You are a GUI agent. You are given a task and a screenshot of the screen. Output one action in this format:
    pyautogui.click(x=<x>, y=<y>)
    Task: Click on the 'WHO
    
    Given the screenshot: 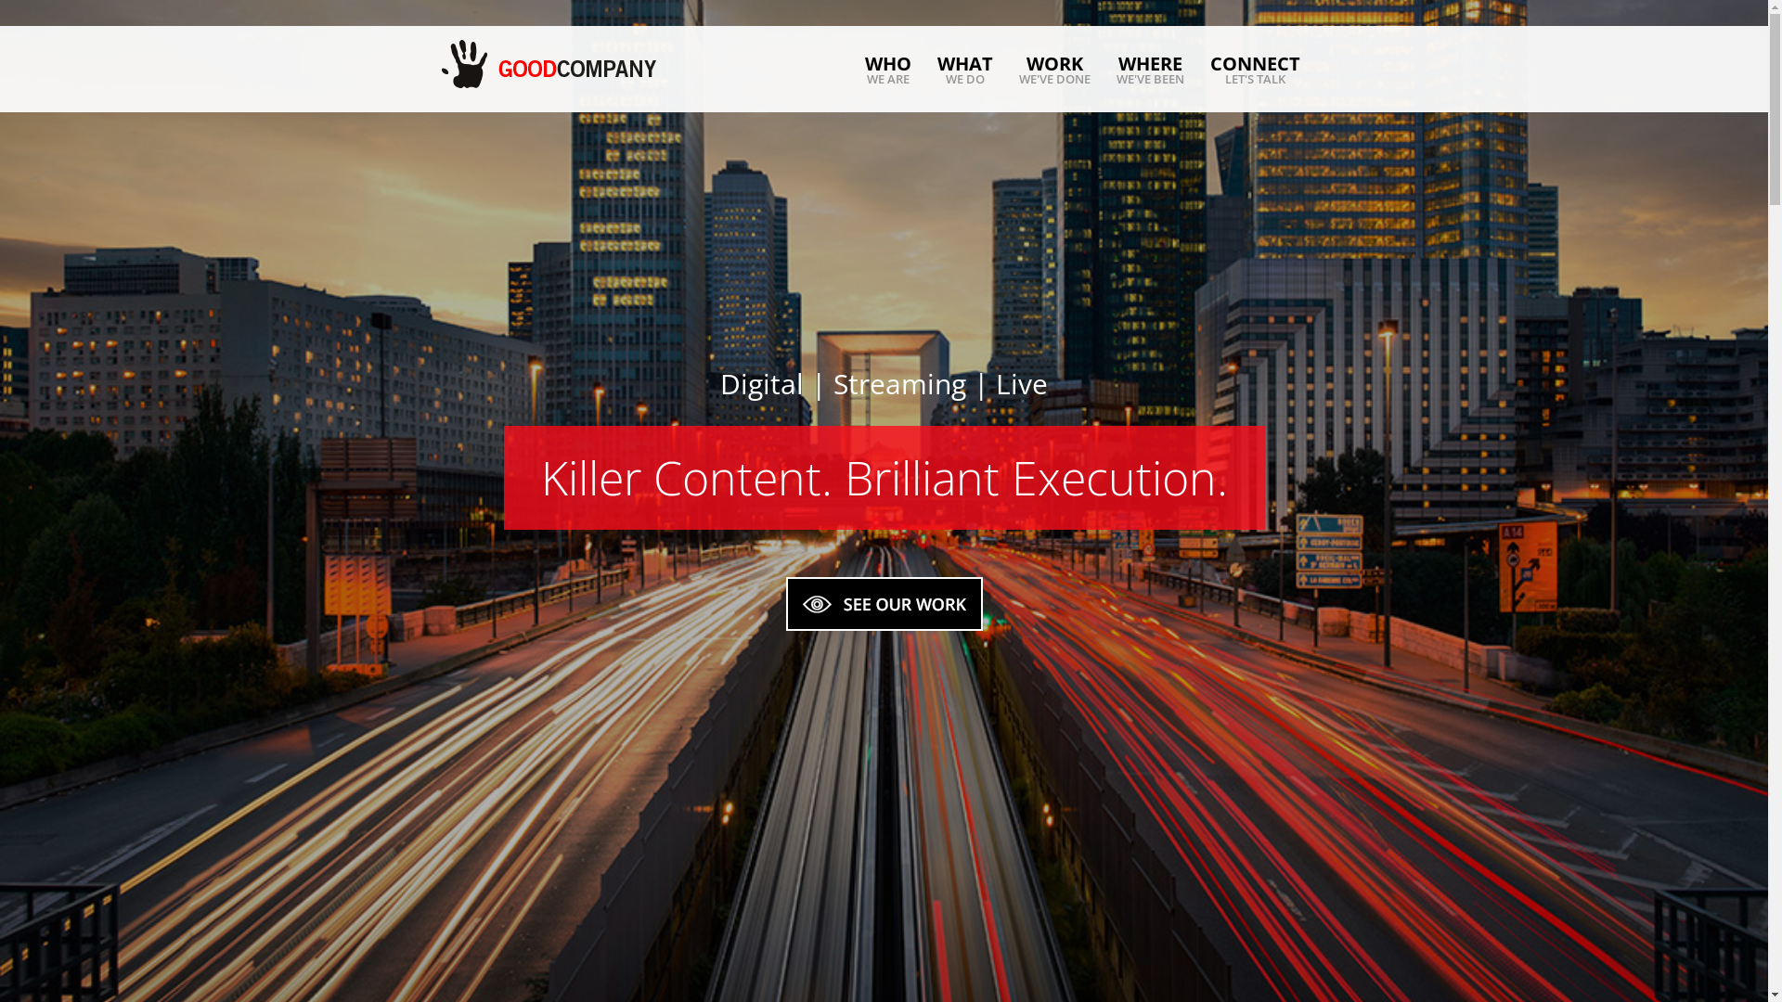 What is the action you would take?
    pyautogui.click(x=886, y=69)
    